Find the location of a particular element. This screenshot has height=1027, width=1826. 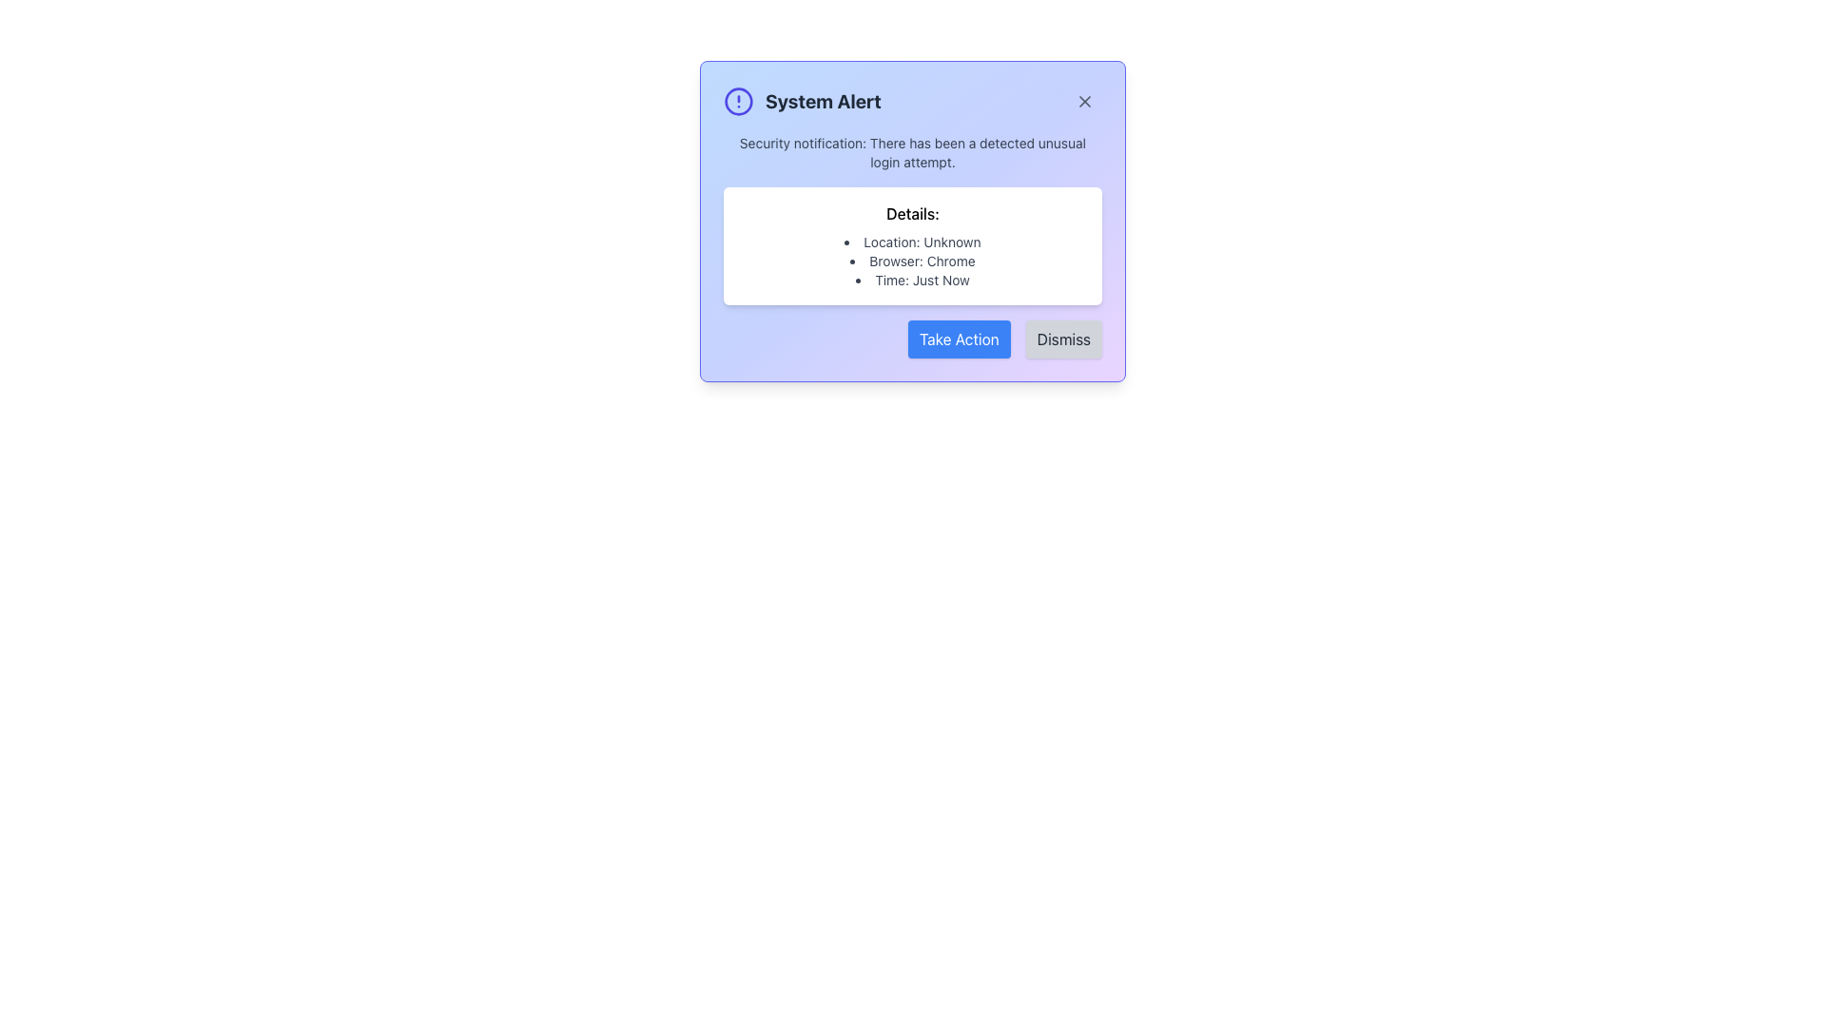

the 'Dismiss' button with rounded corners and light gray background is located at coordinates (1062, 339).